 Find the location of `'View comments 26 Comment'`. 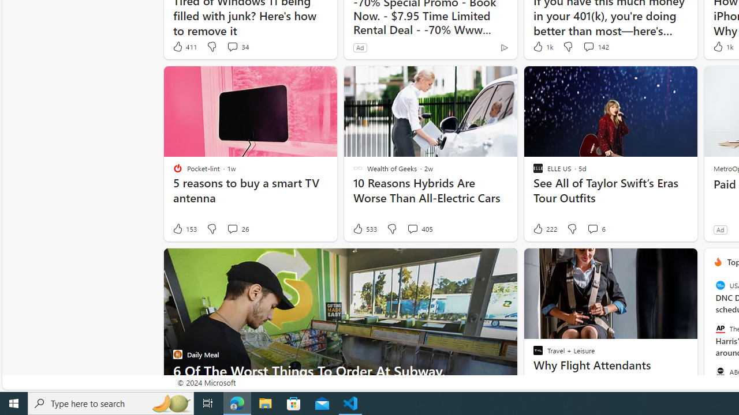

'View comments 26 Comment' is located at coordinates (232, 229).